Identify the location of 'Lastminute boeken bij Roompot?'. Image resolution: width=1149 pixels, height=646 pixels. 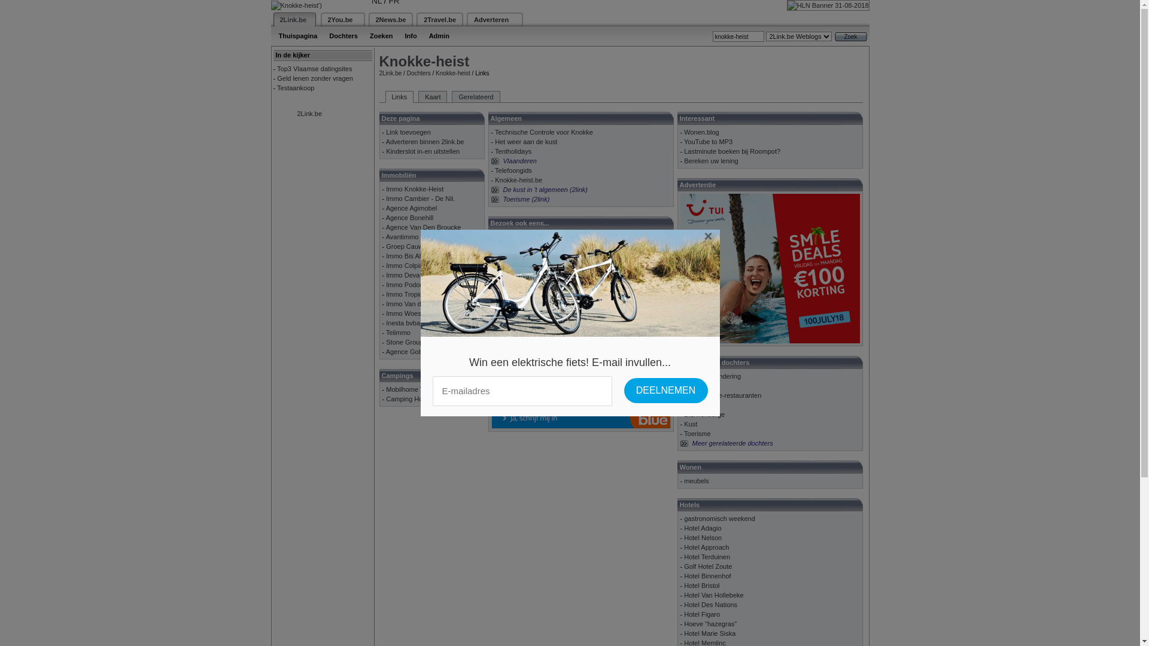
(731, 151).